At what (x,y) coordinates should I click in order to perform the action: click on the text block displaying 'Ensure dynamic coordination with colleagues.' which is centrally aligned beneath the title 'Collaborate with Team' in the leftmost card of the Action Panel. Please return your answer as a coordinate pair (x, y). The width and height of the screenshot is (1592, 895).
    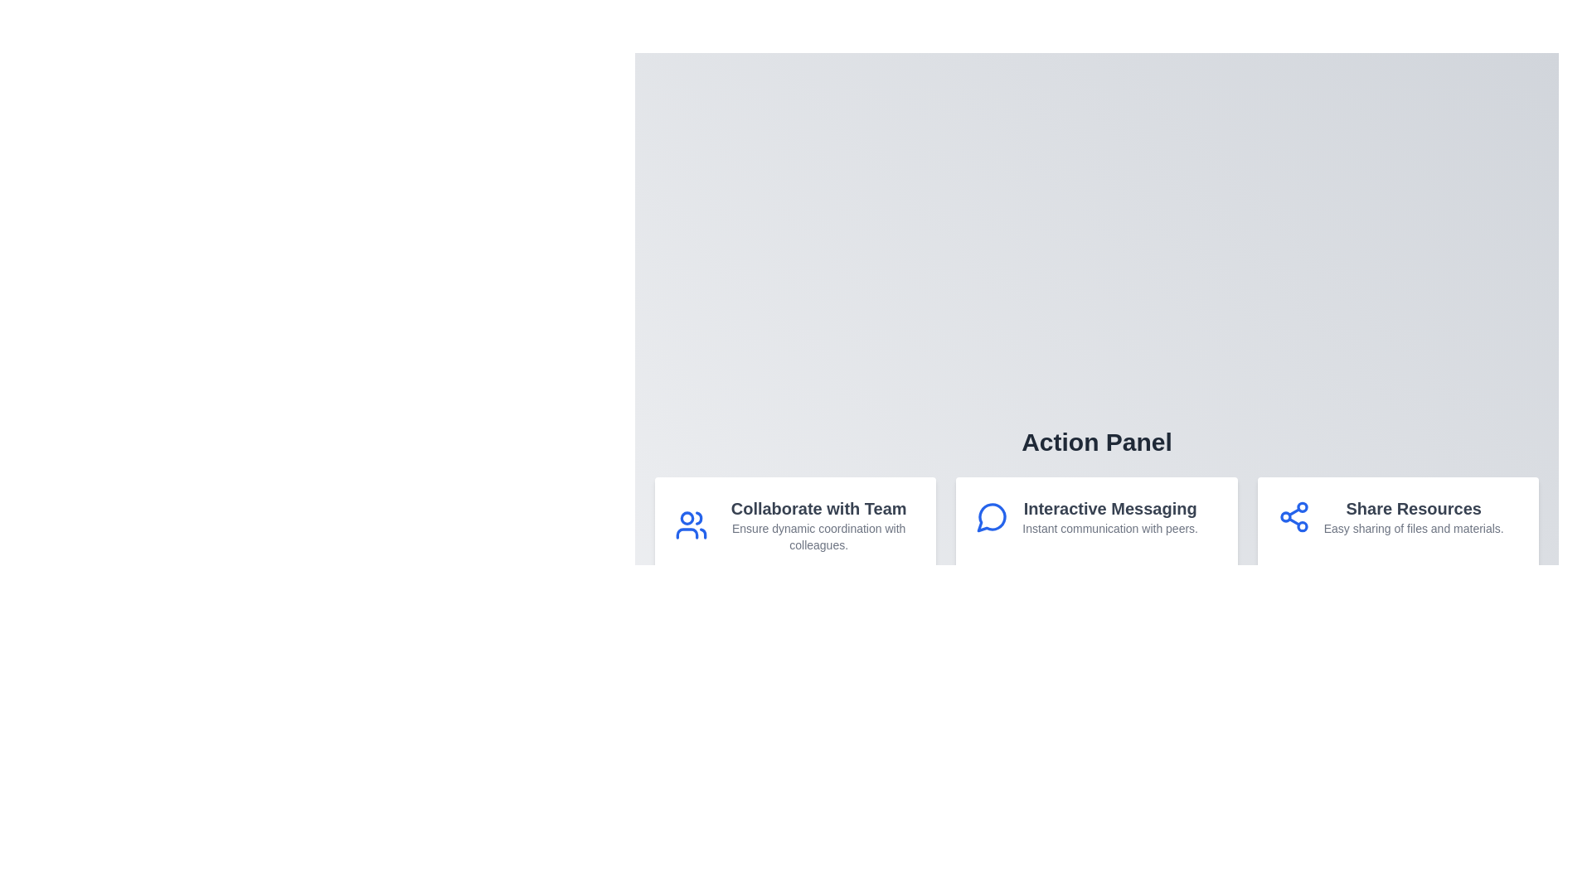
    Looking at the image, I should click on (818, 537).